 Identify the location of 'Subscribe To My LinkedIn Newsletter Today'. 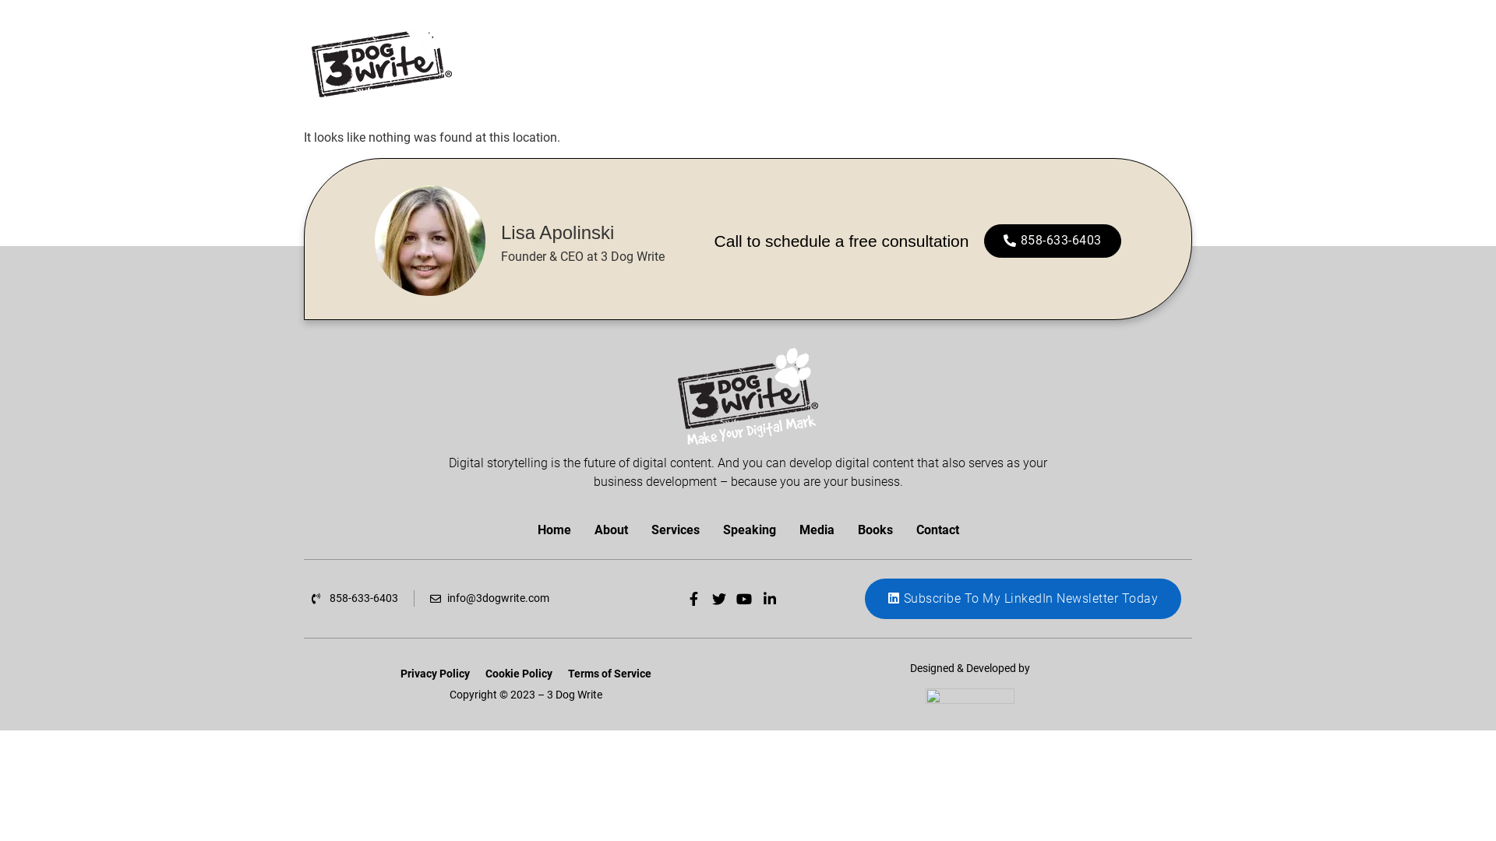
(1023, 597).